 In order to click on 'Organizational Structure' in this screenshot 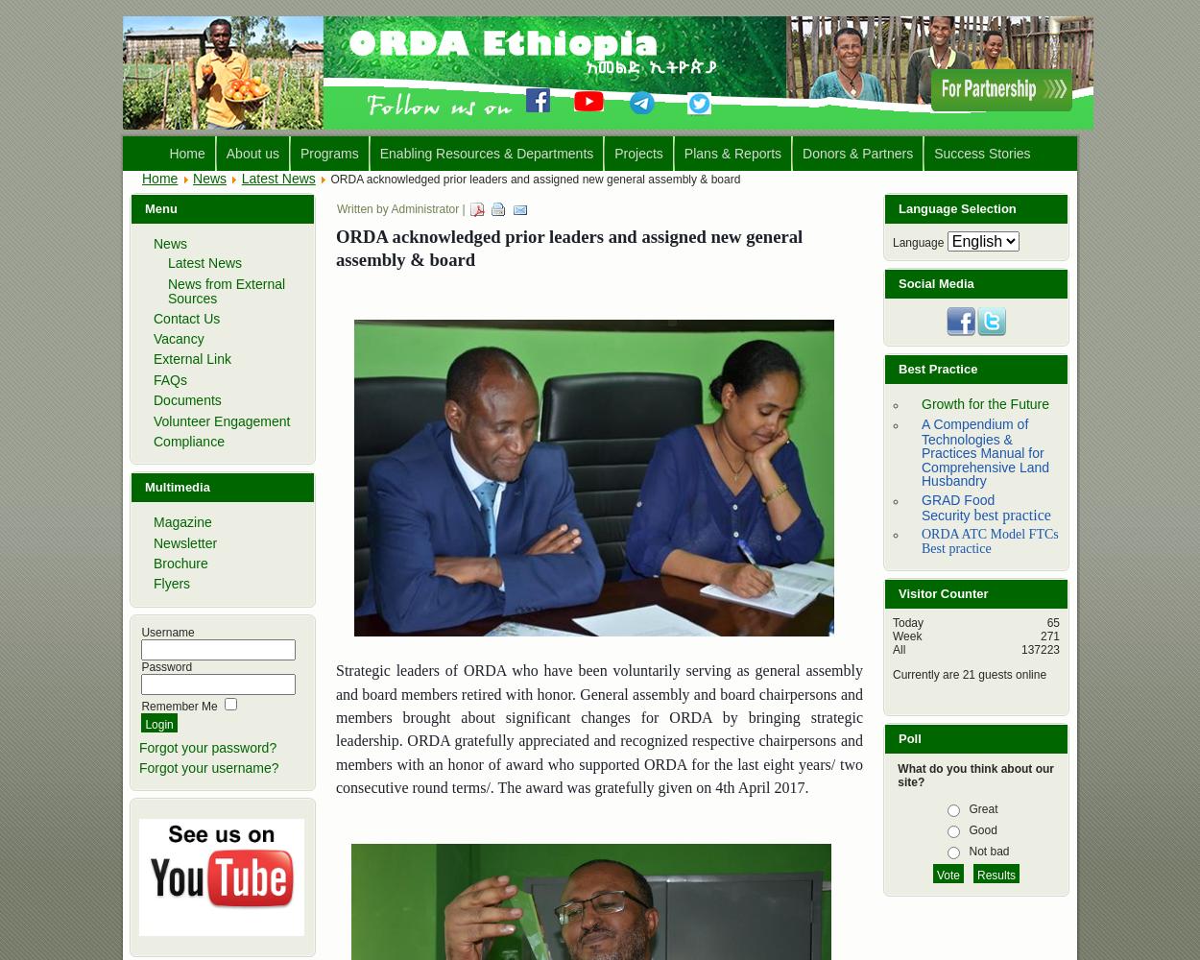, I will do `click(300, 226)`.